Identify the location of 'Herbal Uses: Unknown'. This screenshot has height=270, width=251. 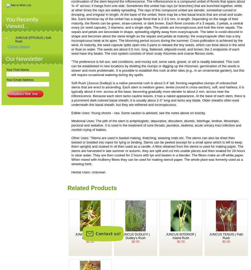
(88, 172).